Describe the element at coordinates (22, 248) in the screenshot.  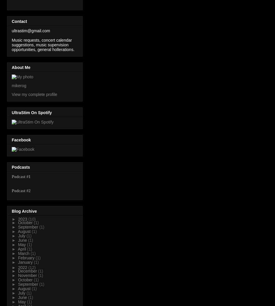
I see `'April'` at that location.